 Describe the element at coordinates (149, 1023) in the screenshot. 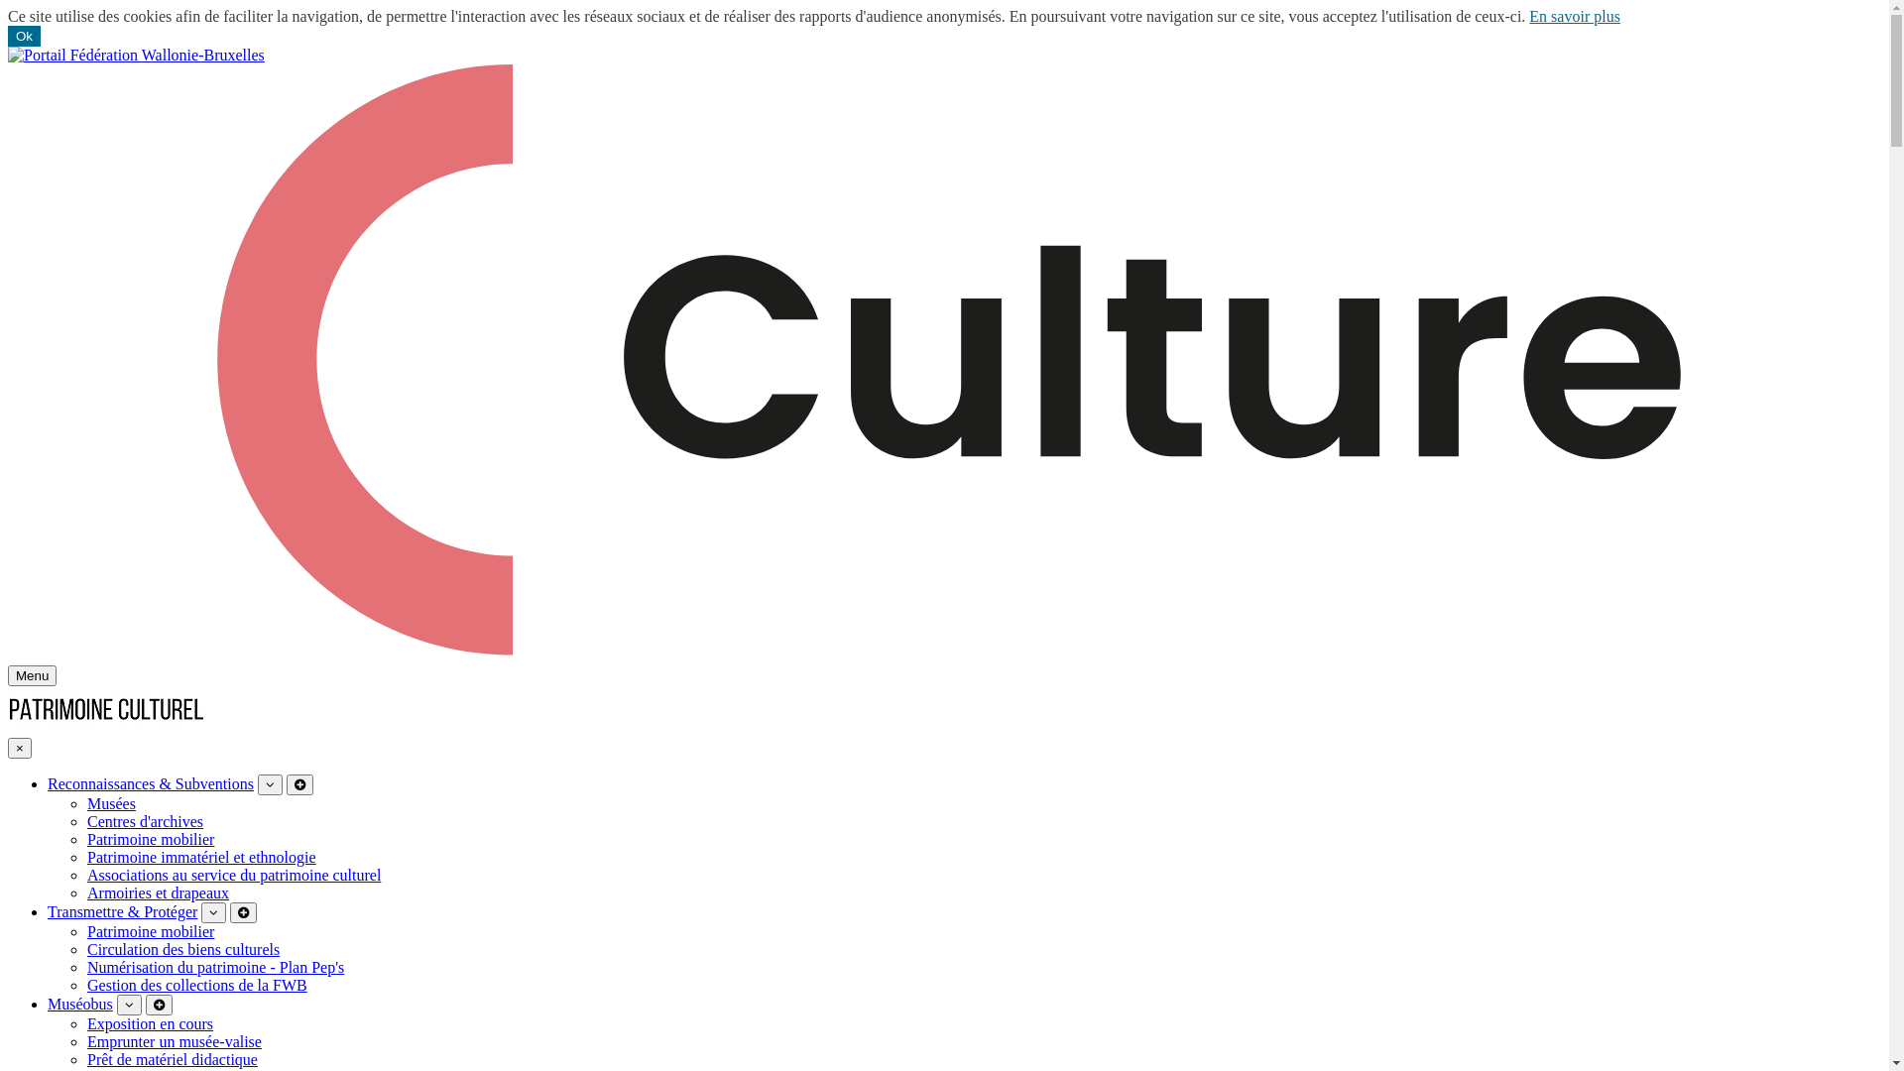

I see `'Exposition en cours'` at that location.